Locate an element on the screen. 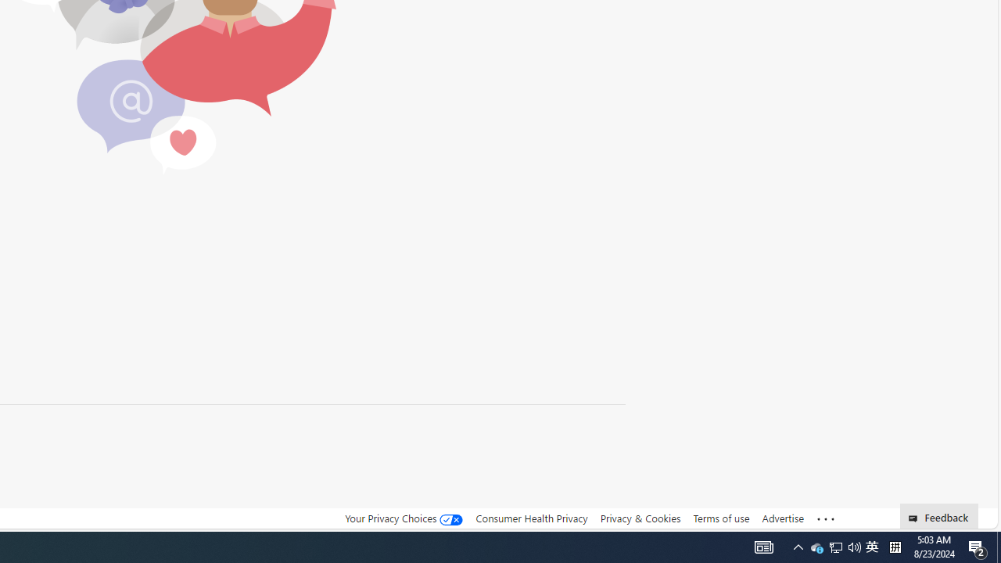 This screenshot has height=563, width=1001. 'Advertise' is located at coordinates (782, 518).